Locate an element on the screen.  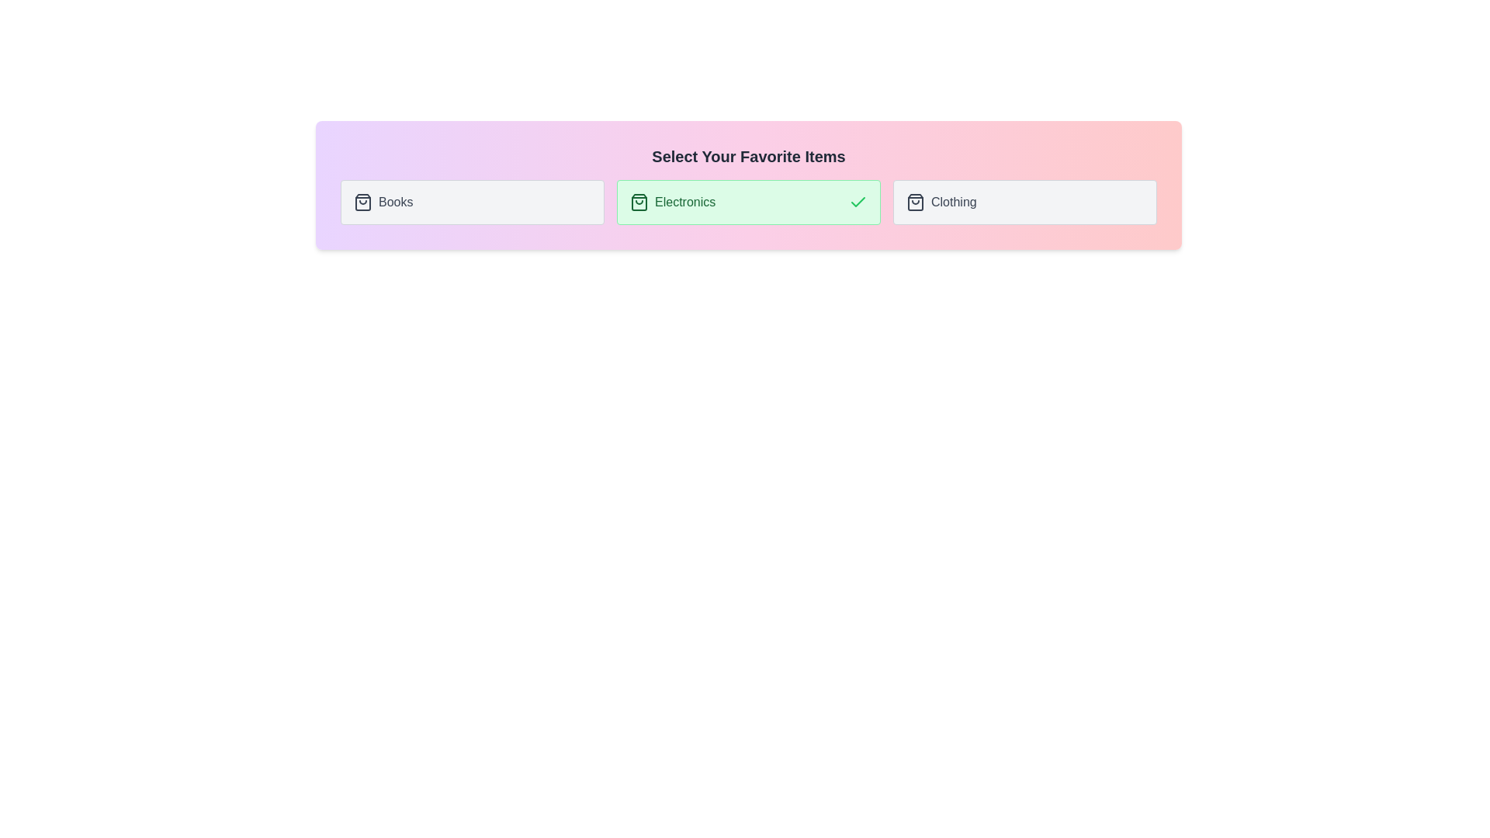
the item labeled Books to observe the visual feedback is located at coordinates (472, 202).